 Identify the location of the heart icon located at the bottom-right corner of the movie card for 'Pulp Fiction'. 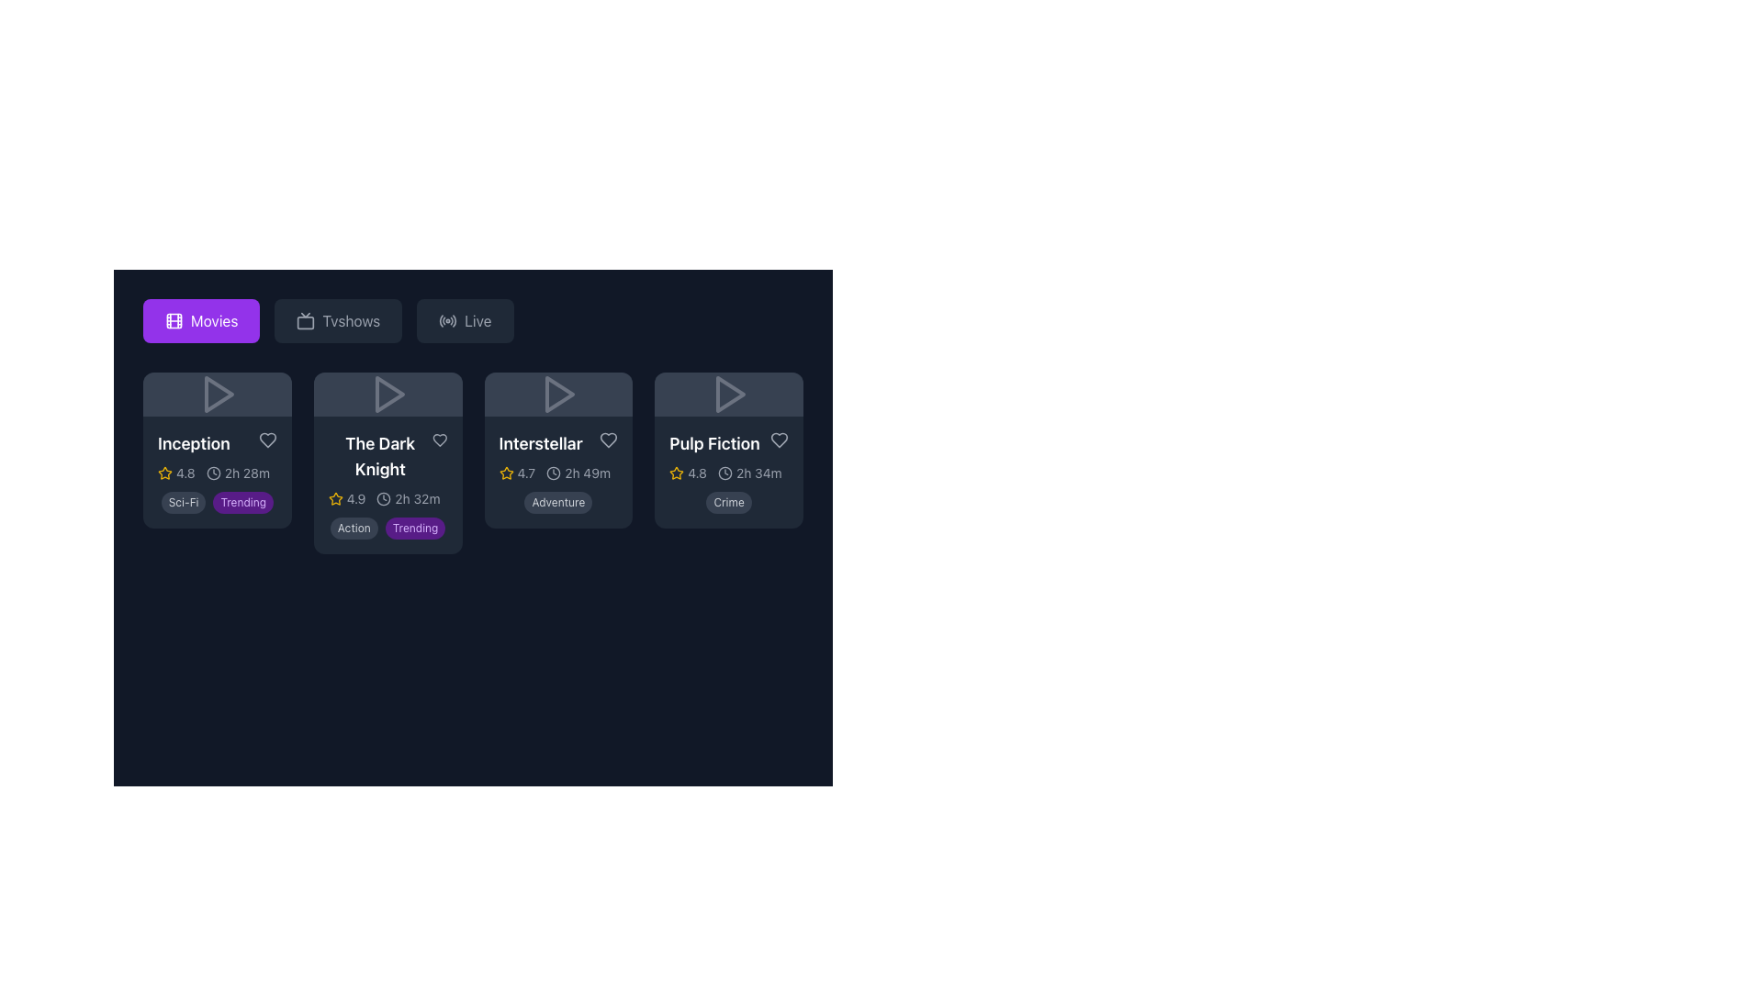
(780, 440).